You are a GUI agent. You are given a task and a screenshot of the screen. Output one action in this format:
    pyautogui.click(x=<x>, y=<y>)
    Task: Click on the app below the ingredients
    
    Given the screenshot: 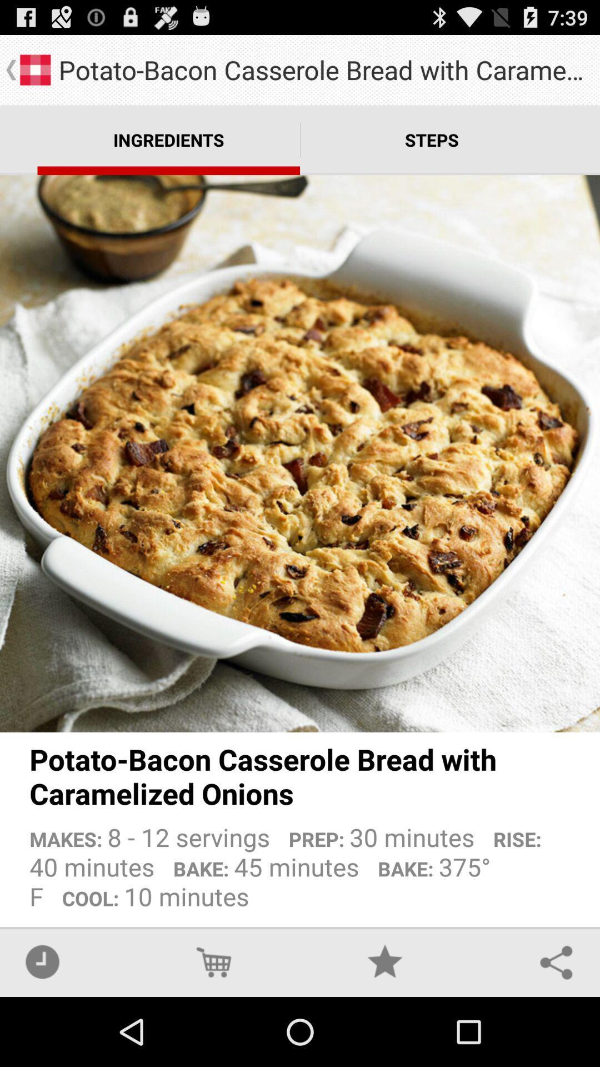 What is the action you would take?
    pyautogui.click(x=300, y=453)
    